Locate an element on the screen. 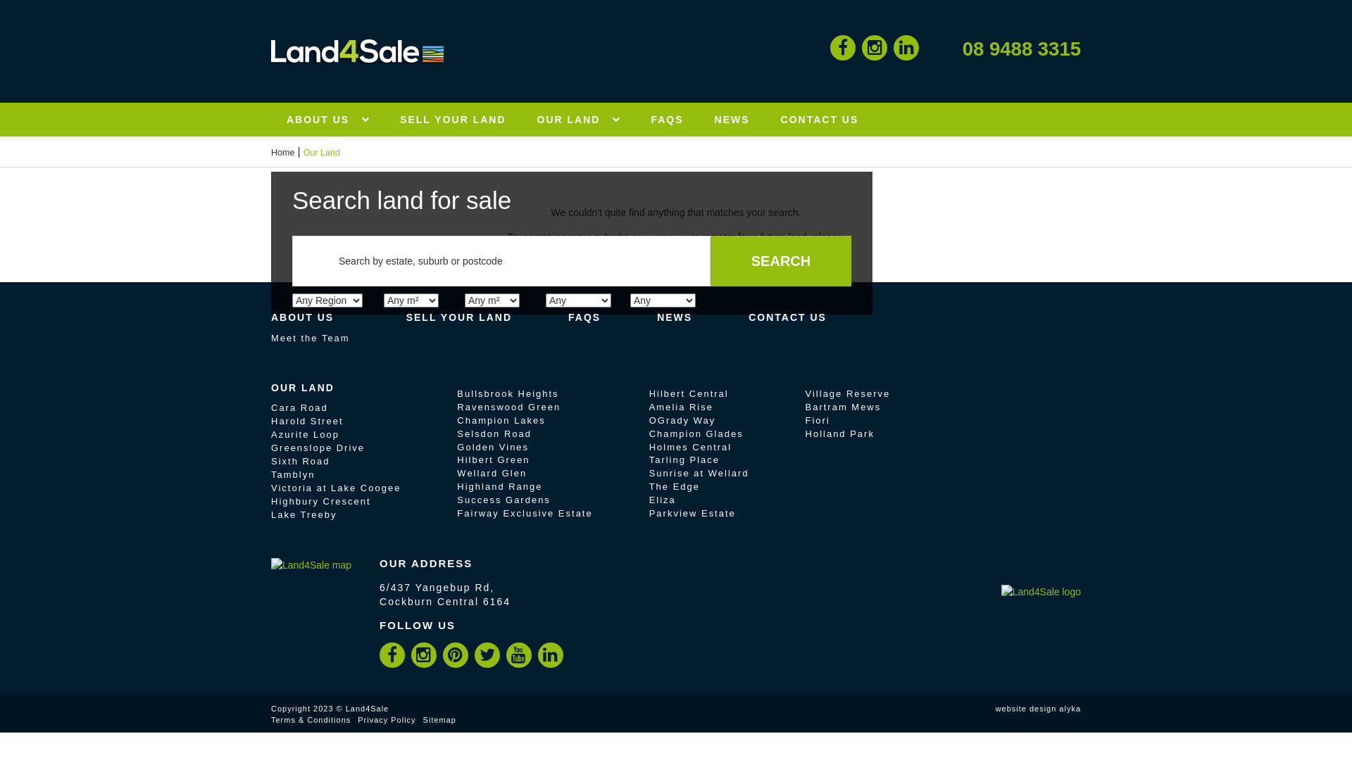 The width and height of the screenshot is (1352, 760). 'Greenslope Drive' is located at coordinates (317, 448).